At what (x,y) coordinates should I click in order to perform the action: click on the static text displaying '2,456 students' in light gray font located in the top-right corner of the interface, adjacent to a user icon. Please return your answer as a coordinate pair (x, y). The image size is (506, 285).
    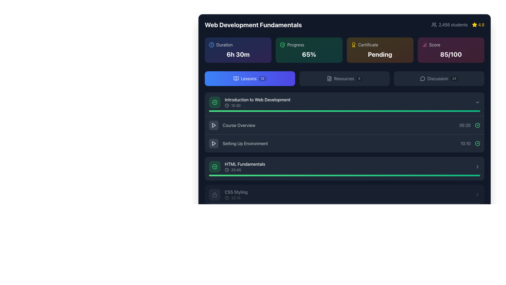
    Looking at the image, I should click on (453, 25).